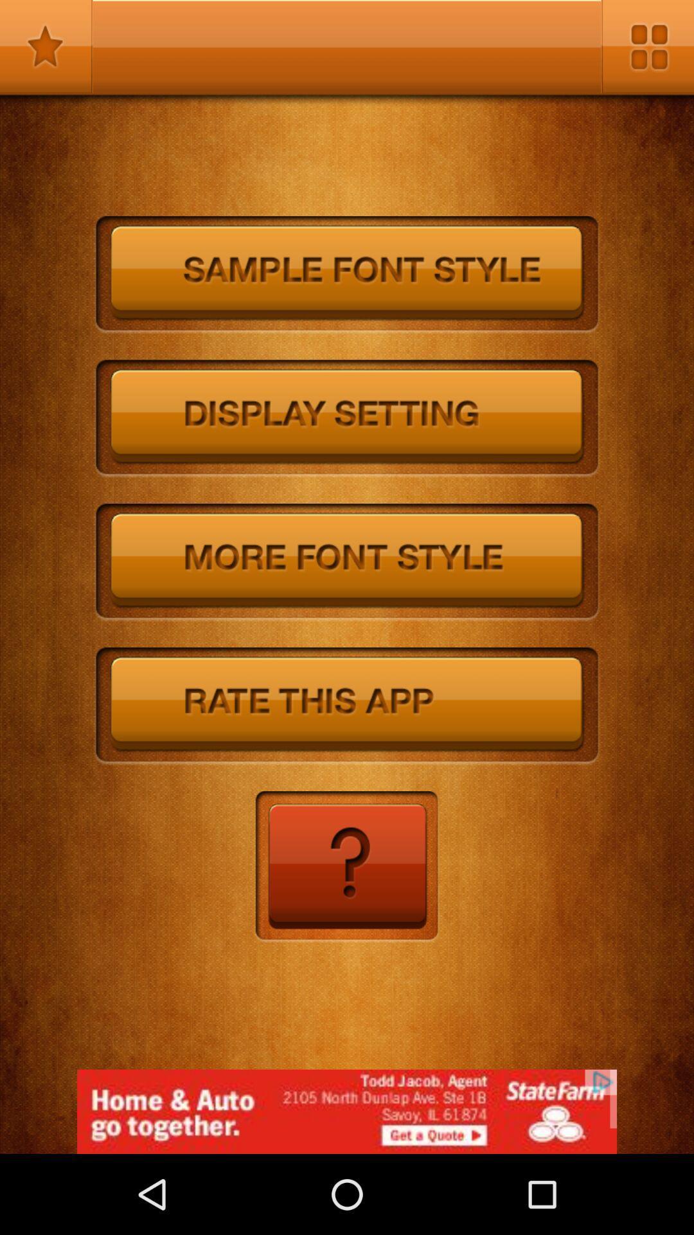  I want to click on open advertisement, so click(347, 1111).